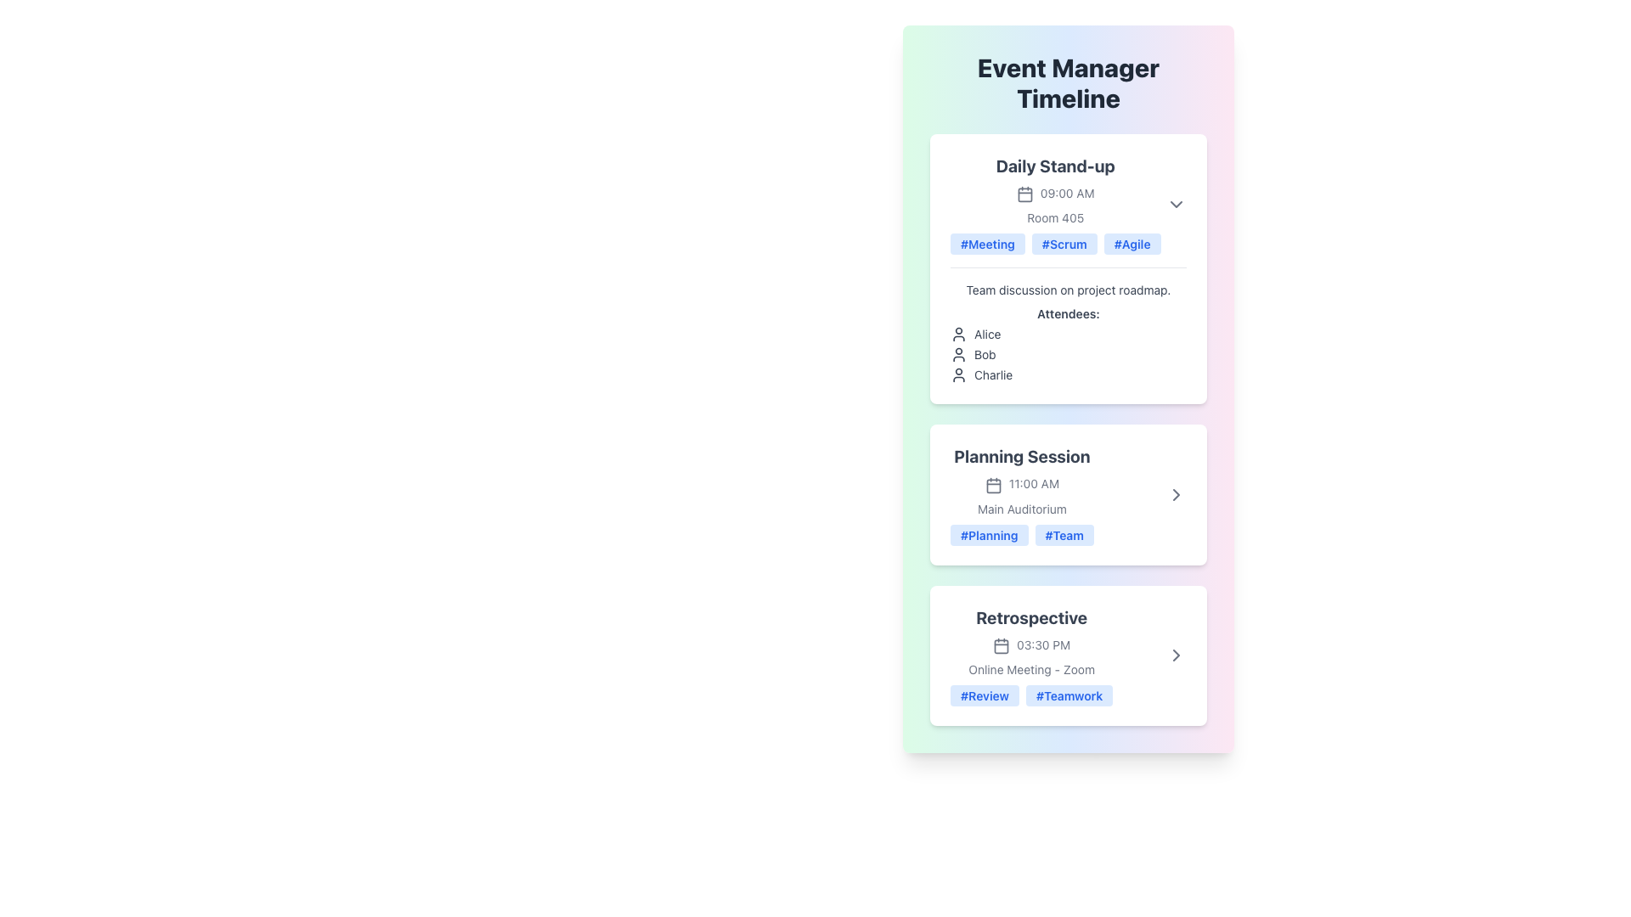 The width and height of the screenshot is (1631, 917). I want to click on the content of the list item displaying the text 'Charlie' with a user icon, positioned as the third item under the 'Attendees' section in the 'Daily Stand-up' card, so click(1067, 374).